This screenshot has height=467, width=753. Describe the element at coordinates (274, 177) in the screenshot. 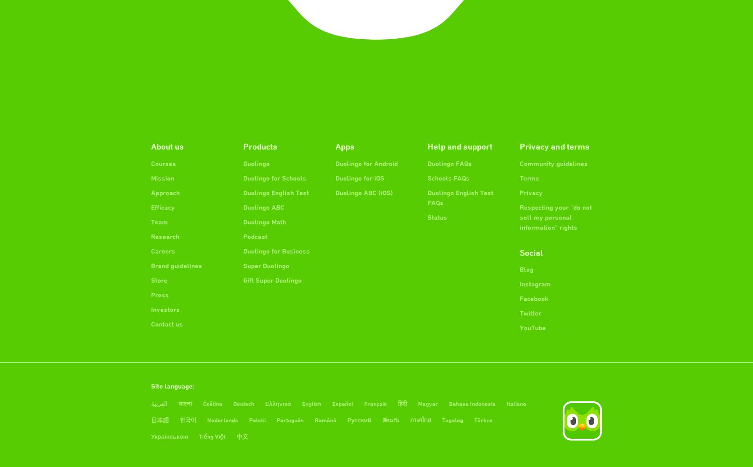

I see `'Duolingo for Schools'` at that location.